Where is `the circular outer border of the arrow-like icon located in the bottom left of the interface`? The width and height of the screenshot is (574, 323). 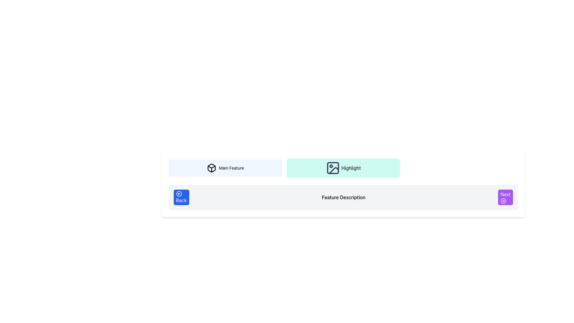
the circular outer border of the arrow-like icon located in the bottom left of the interface is located at coordinates (179, 194).